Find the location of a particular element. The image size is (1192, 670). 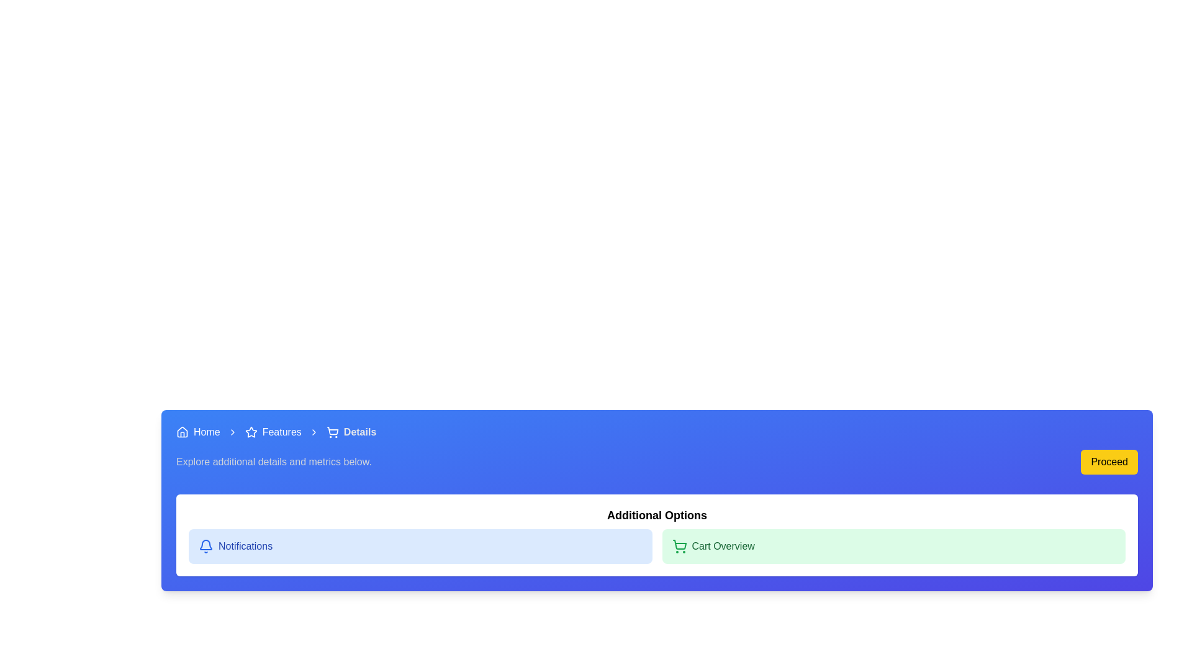

the text label located on the navigation bar towards the right, positioned after the shopping-cart icon, and is the last item in its group is located at coordinates (359, 432).